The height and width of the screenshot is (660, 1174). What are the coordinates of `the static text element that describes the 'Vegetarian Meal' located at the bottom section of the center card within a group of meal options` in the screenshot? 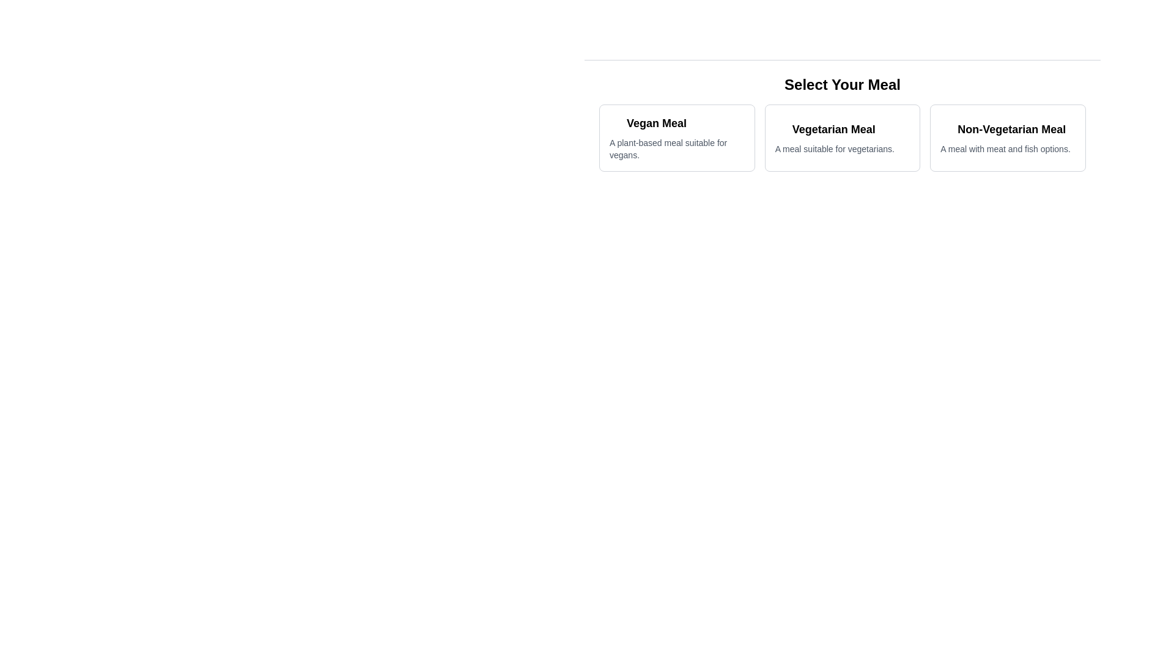 It's located at (841, 148).